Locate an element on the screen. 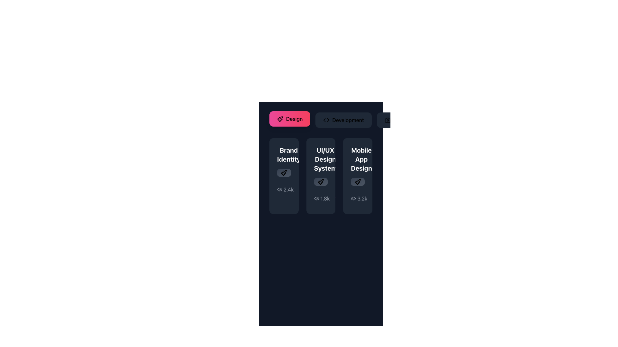 This screenshot has height=347, width=618. the static text label displaying '2.4k', which indicates the view count for the 'Brand Identity' content, located at the bottom of the 'Brand Identity' card is located at coordinates (288, 189).